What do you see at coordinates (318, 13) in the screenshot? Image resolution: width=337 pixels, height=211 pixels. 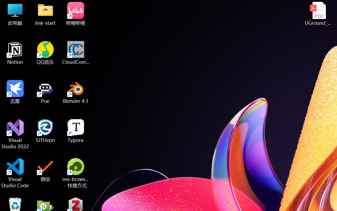 I see `'UGround_paper.pdf'` at bounding box center [318, 13].